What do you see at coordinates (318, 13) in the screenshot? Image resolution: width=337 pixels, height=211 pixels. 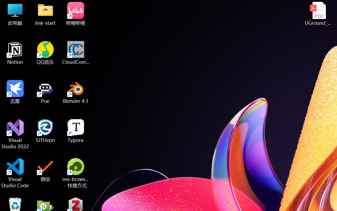 I see `'UGround_paper.pdf'` at bounding box center [318, 13].